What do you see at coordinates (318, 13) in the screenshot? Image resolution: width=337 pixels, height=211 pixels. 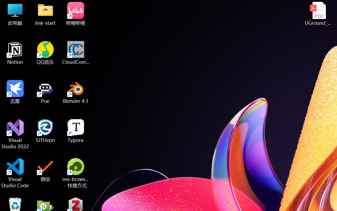 I see `'UGround_paper.pdf'` at bounding box center [318, 13].